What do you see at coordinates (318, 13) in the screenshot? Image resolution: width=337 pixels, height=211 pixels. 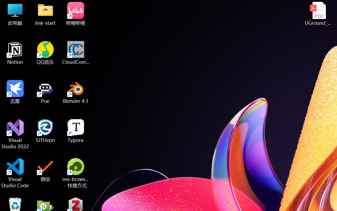 I see `'UGround_paper.pdf'` at bounding box center [318, 13].